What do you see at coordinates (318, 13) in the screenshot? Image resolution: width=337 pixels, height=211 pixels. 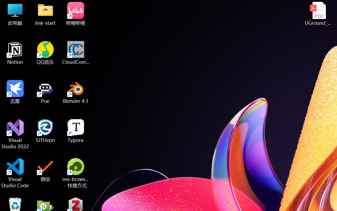 I see `'UGround_paper.pdf'` at bounding box center [318, 13].